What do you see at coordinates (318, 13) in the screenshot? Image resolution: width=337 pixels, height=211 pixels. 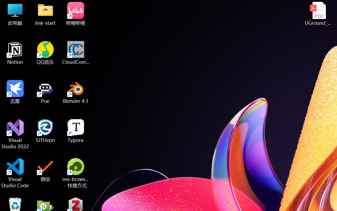 I see `'UGround_paper.pdf'` at bounding box center [318, 13].